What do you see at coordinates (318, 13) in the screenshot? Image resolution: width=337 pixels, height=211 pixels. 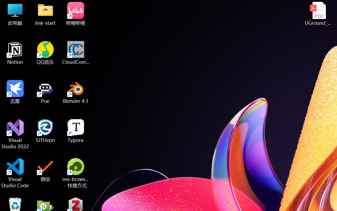 I see `'UGround_paper.pdf'` at bounding box center [318, 13].